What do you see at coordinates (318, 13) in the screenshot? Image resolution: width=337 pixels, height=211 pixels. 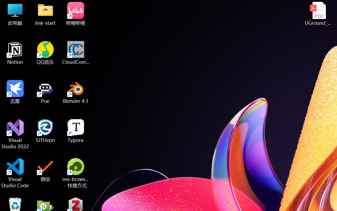 I see `'UGround_paper.pdf'` at bounding box center [318, 13].